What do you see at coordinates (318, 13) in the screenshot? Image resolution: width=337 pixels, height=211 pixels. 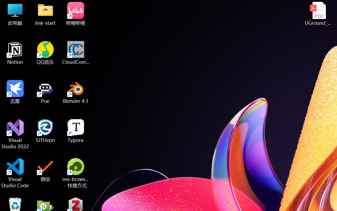 I see `'UGround_paper.pdf'` at bounding box center [318, 13].